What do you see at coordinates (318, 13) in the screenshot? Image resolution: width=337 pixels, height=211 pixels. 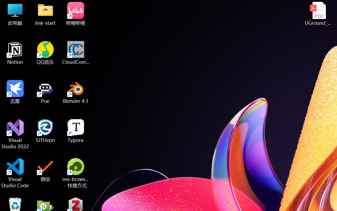 I see `'UGround_paper.pdf'` at bounding box center [318, 13].